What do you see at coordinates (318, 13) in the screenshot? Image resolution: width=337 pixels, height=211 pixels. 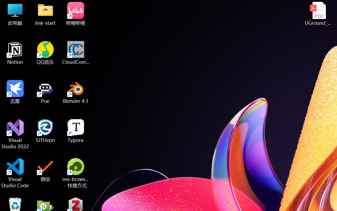 I see `'UGround_paper.pdf'` at bounding box center [318, 13].